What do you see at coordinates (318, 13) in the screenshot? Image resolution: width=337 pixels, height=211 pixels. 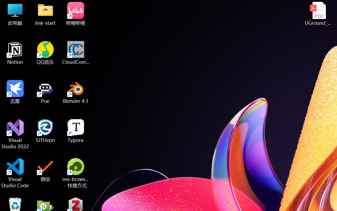 I see `'UGround_paper.pdf'` at bounding box center [318, 13].